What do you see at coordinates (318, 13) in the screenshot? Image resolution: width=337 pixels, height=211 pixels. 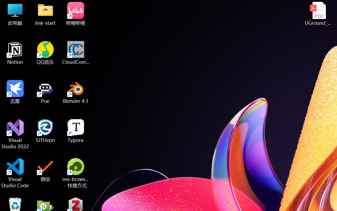 I see `'UGround_paper.pdf'` at bounding box center [318, 13].